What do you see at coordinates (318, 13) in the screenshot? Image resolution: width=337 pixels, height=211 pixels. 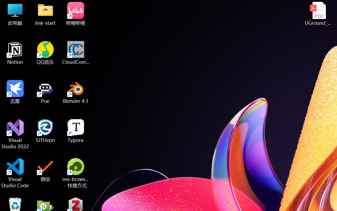 I see `'UGround_paper.pdf'` at bounding box center [318, 13].